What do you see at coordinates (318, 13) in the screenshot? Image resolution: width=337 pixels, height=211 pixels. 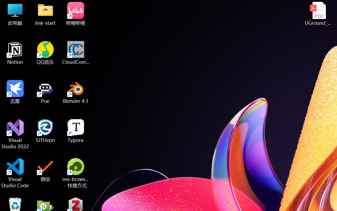 I see `'UGround_paper.pdf'` at bounding box center [318, 13].